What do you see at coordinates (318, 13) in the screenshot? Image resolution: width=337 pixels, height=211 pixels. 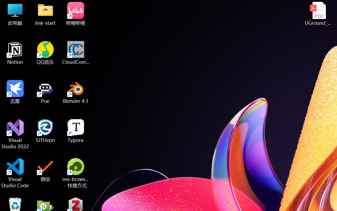 I see `'UGround_paper.pdf'` at bounding box center [318, 13].